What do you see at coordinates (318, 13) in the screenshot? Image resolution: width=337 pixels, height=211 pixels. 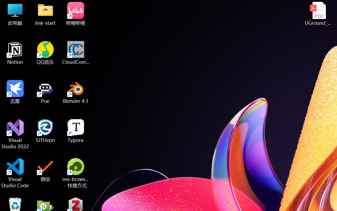 I see `'UGround_paper.pdf'` at bounding box center [318, 13].